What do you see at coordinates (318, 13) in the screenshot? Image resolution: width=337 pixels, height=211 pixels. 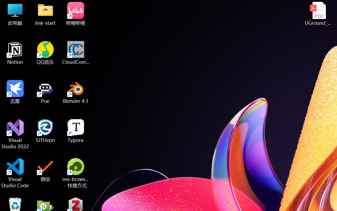 I see `'UGround_paper.pdf'` at bounding box center [318, 13].